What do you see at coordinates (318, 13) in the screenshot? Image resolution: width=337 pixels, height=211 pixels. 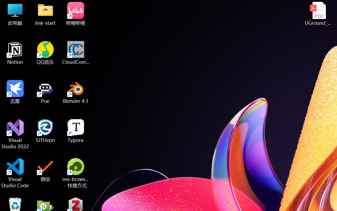 I see `'UGround_paper.pdf'` at bounding box center [318, 13].